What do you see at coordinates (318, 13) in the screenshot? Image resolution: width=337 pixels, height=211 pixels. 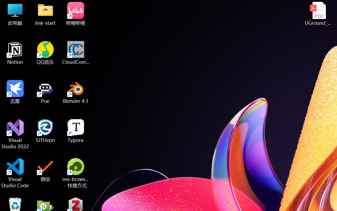 I see `'UGround_paper.pdf'` at bounding box center [318, 13].